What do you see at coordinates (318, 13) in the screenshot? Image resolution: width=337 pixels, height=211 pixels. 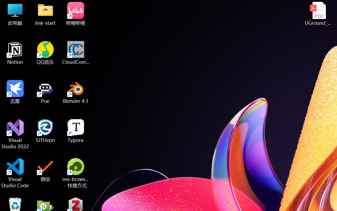 I see `'UGround_paper.pdf'` at bounding box center [318, 13].